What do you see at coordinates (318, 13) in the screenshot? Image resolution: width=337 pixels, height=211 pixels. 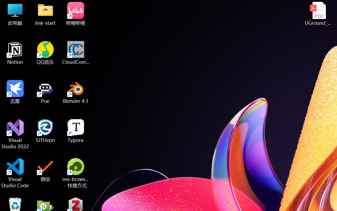 I see `'UGround_paper.pdf'` at bounding box center [318, 13].